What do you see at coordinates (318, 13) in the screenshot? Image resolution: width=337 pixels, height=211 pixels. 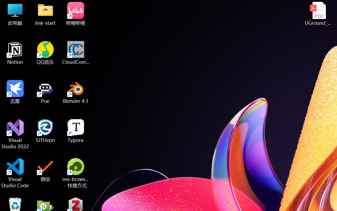 I see `'UGround_paper.pdf'` at bounding box center [318, 13].